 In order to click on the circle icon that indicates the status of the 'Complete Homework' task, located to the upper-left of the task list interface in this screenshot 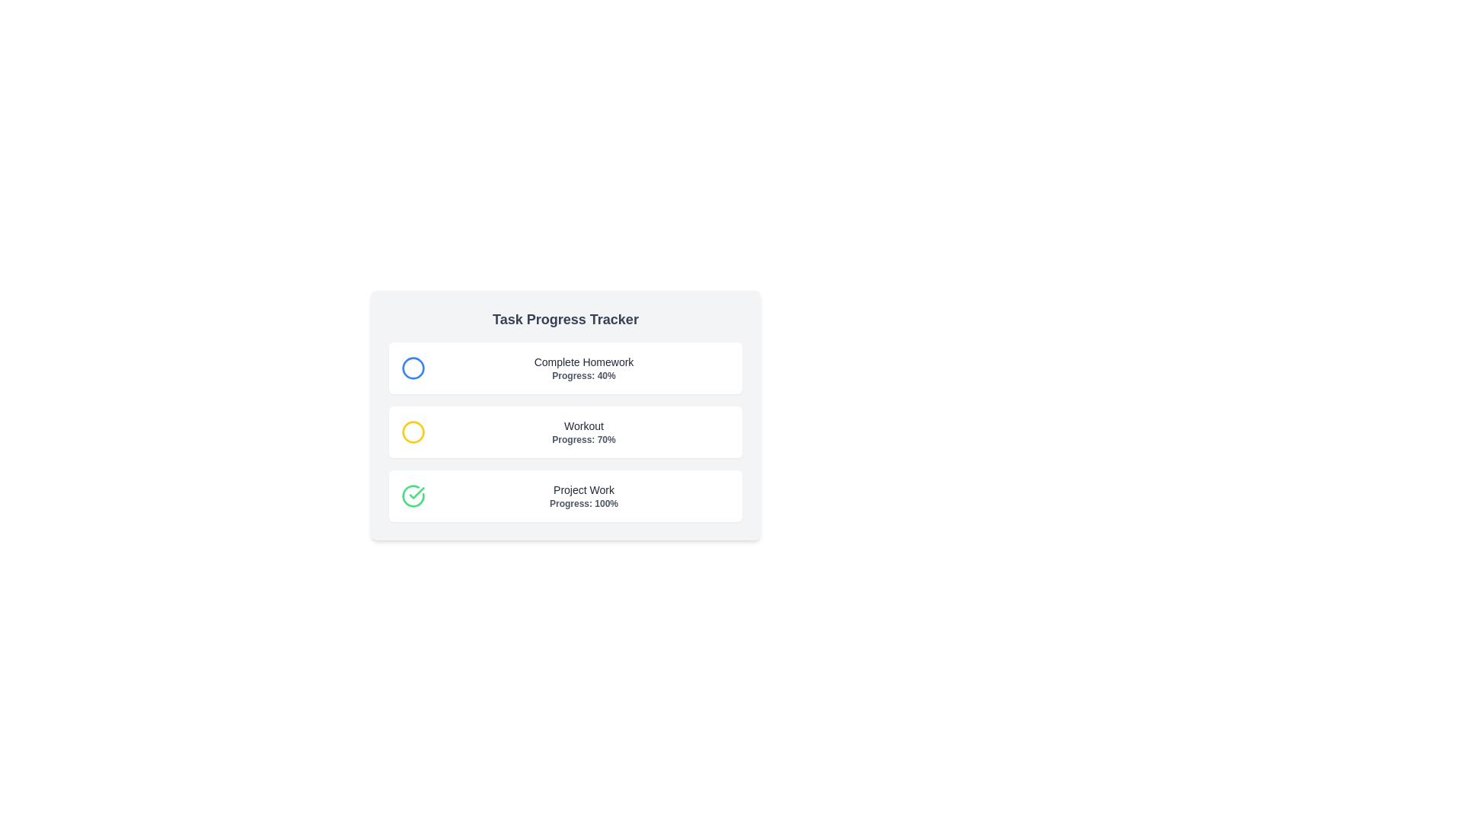, I will do `click(413, 368)`.